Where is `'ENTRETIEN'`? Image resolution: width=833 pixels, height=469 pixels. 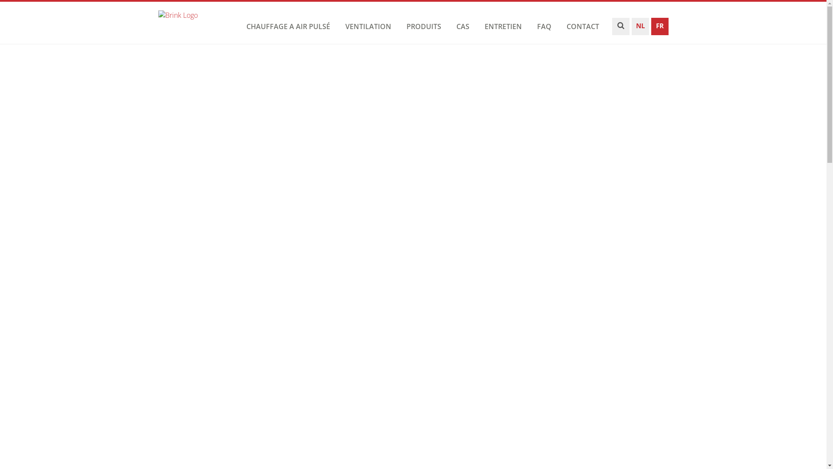
'ENTRETIEN' is located at coordinates (482, 26).